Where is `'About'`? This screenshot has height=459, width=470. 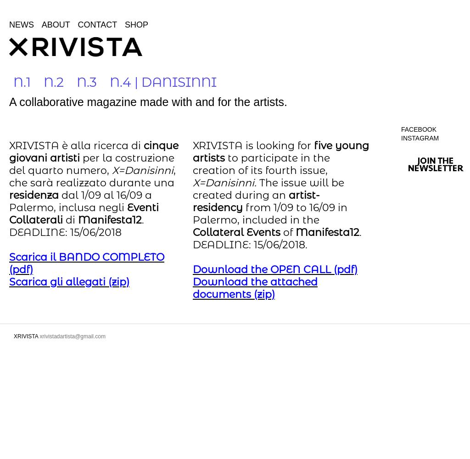 'About' is located at coordinates (41, 25).